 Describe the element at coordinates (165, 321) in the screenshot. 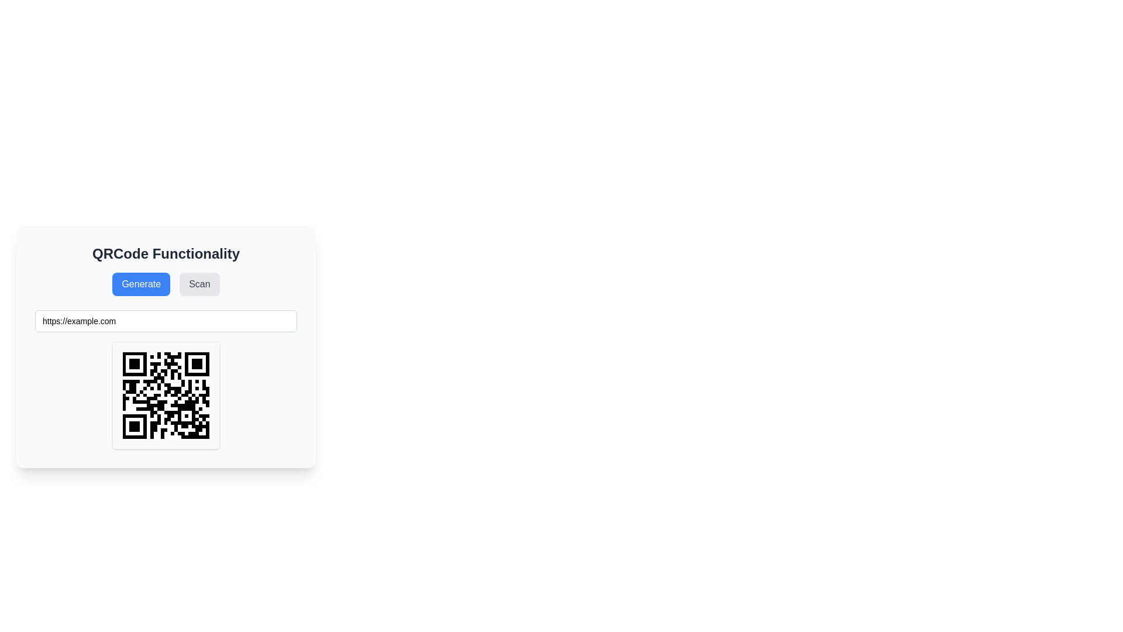

I see `the text input field located below the 'Generate' and 'Scan' buttons, and above the QR code display area, to copy or alter the text` at that location.